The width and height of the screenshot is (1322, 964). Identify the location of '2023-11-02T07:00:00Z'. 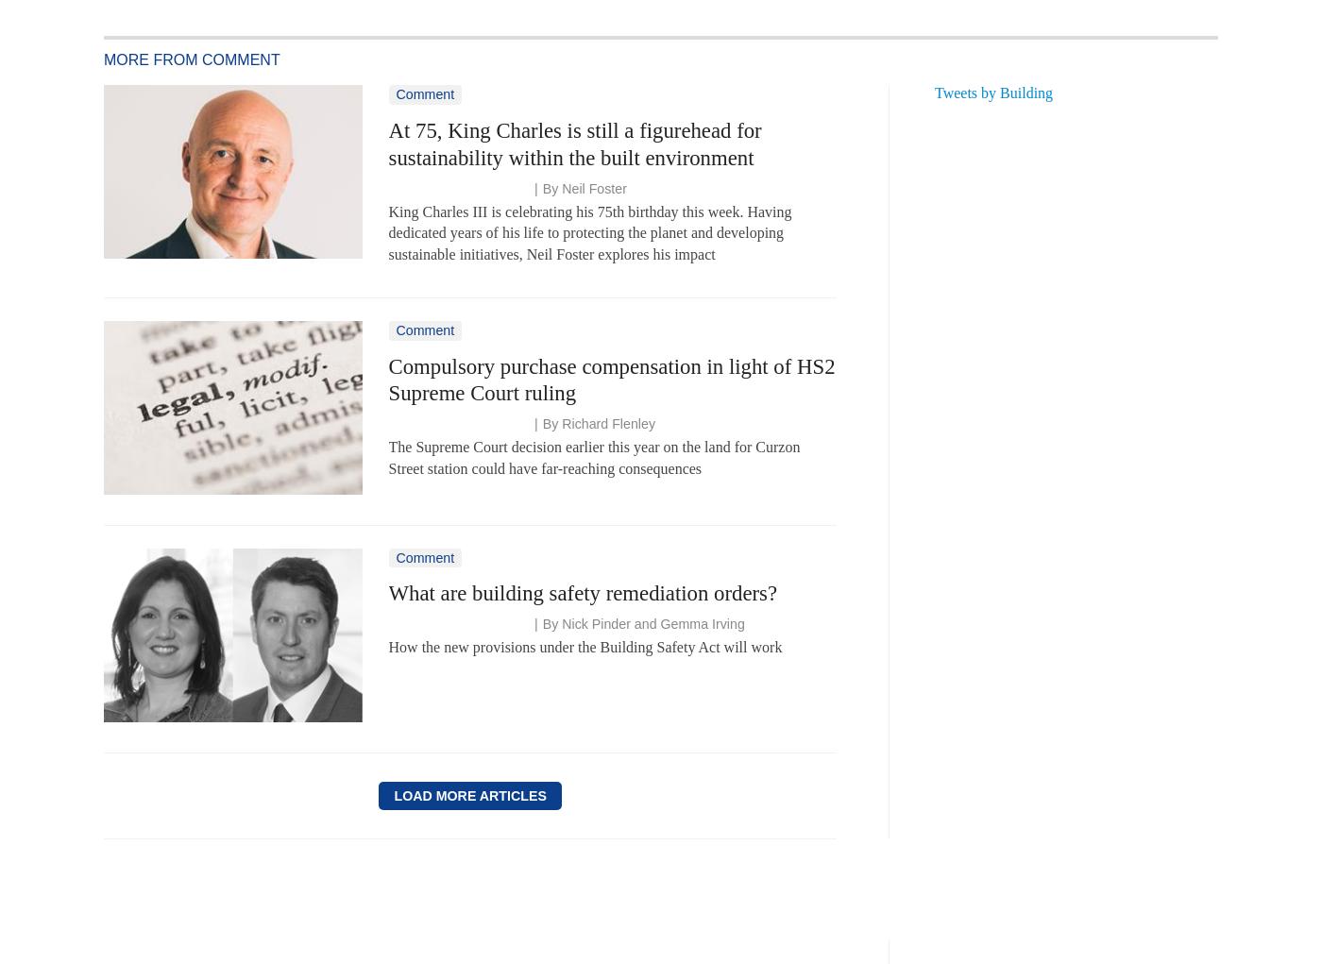
(455, 424).